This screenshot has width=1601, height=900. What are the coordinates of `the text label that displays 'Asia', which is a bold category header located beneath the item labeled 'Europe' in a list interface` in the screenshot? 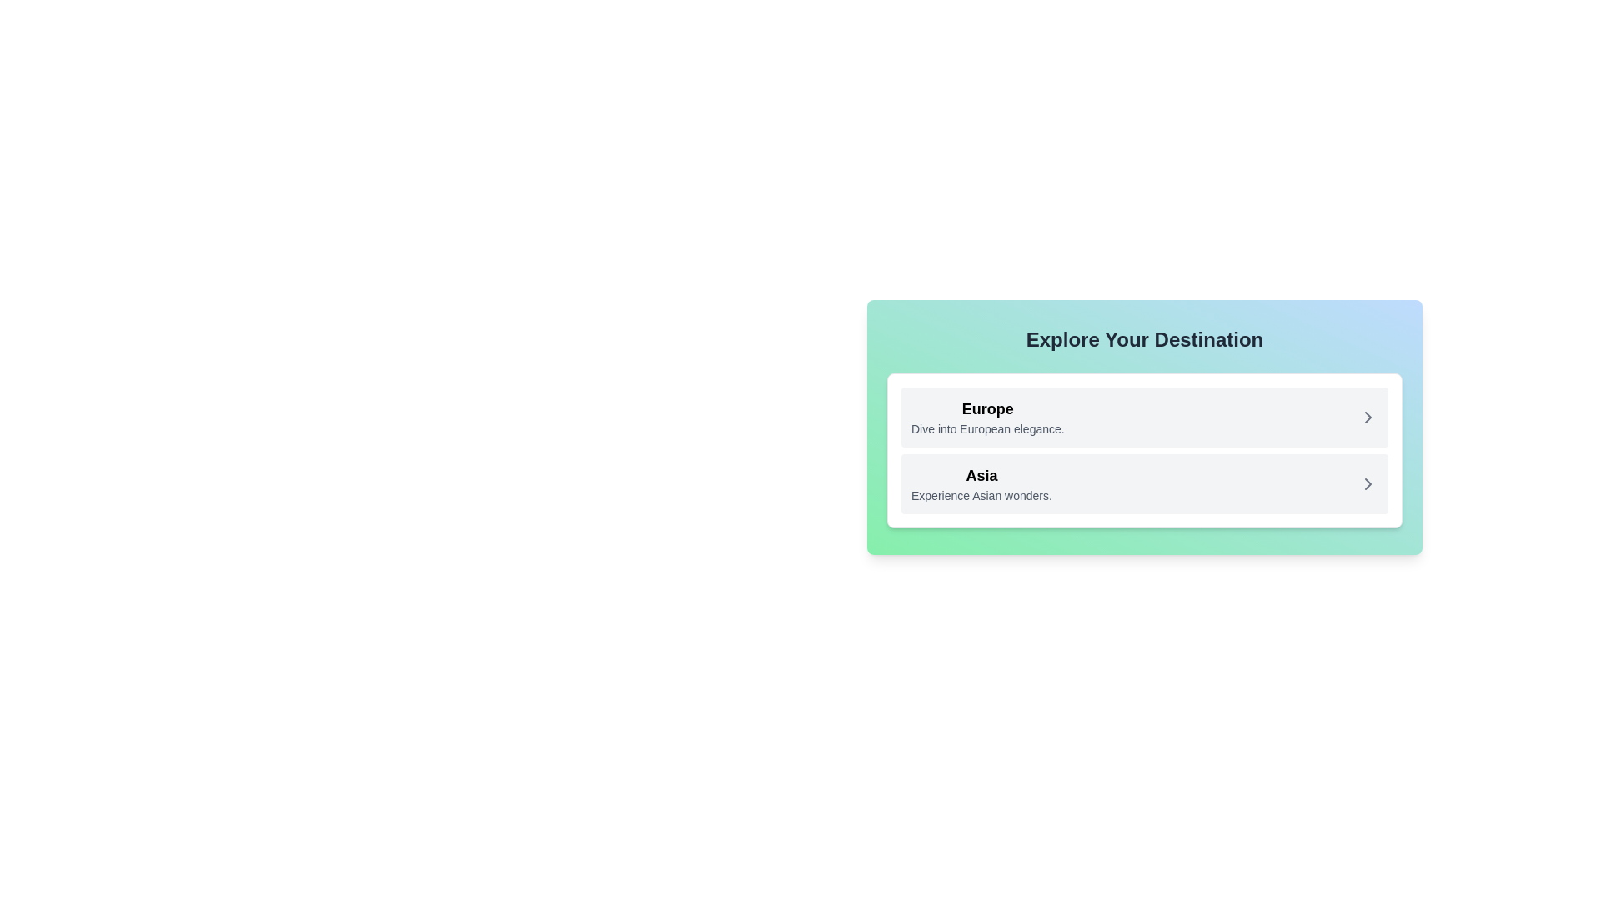 It's located at (981, 475).